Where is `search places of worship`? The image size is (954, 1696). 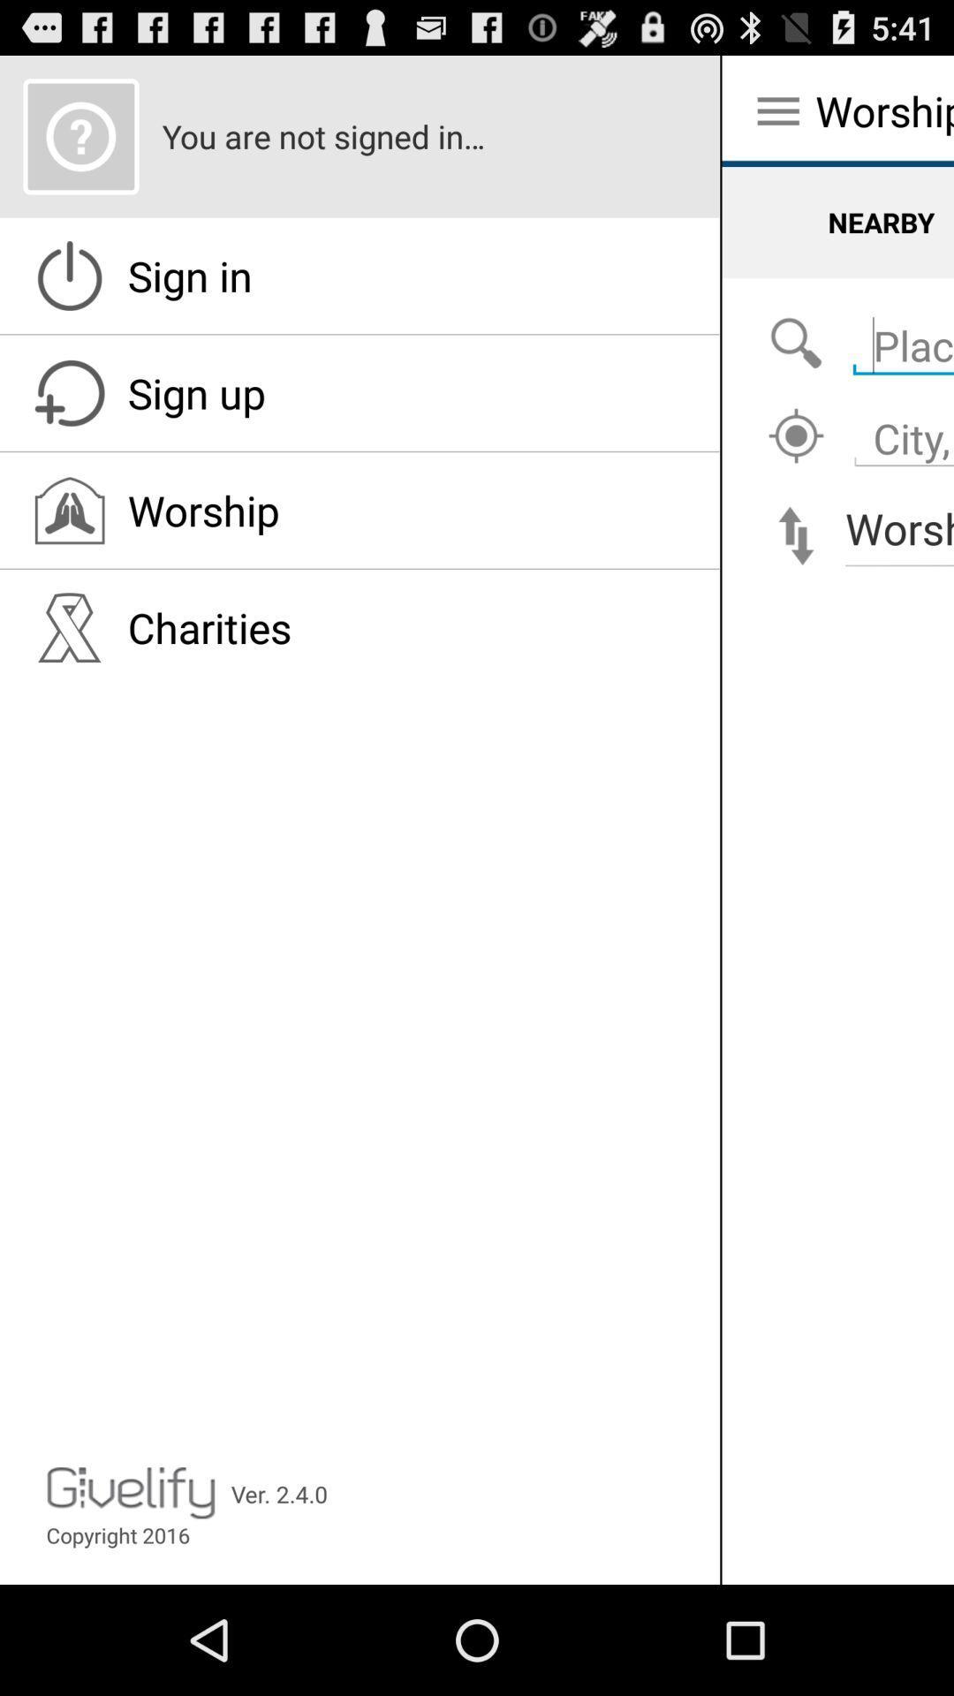
search places of worship is located at coordinates (796, 344).